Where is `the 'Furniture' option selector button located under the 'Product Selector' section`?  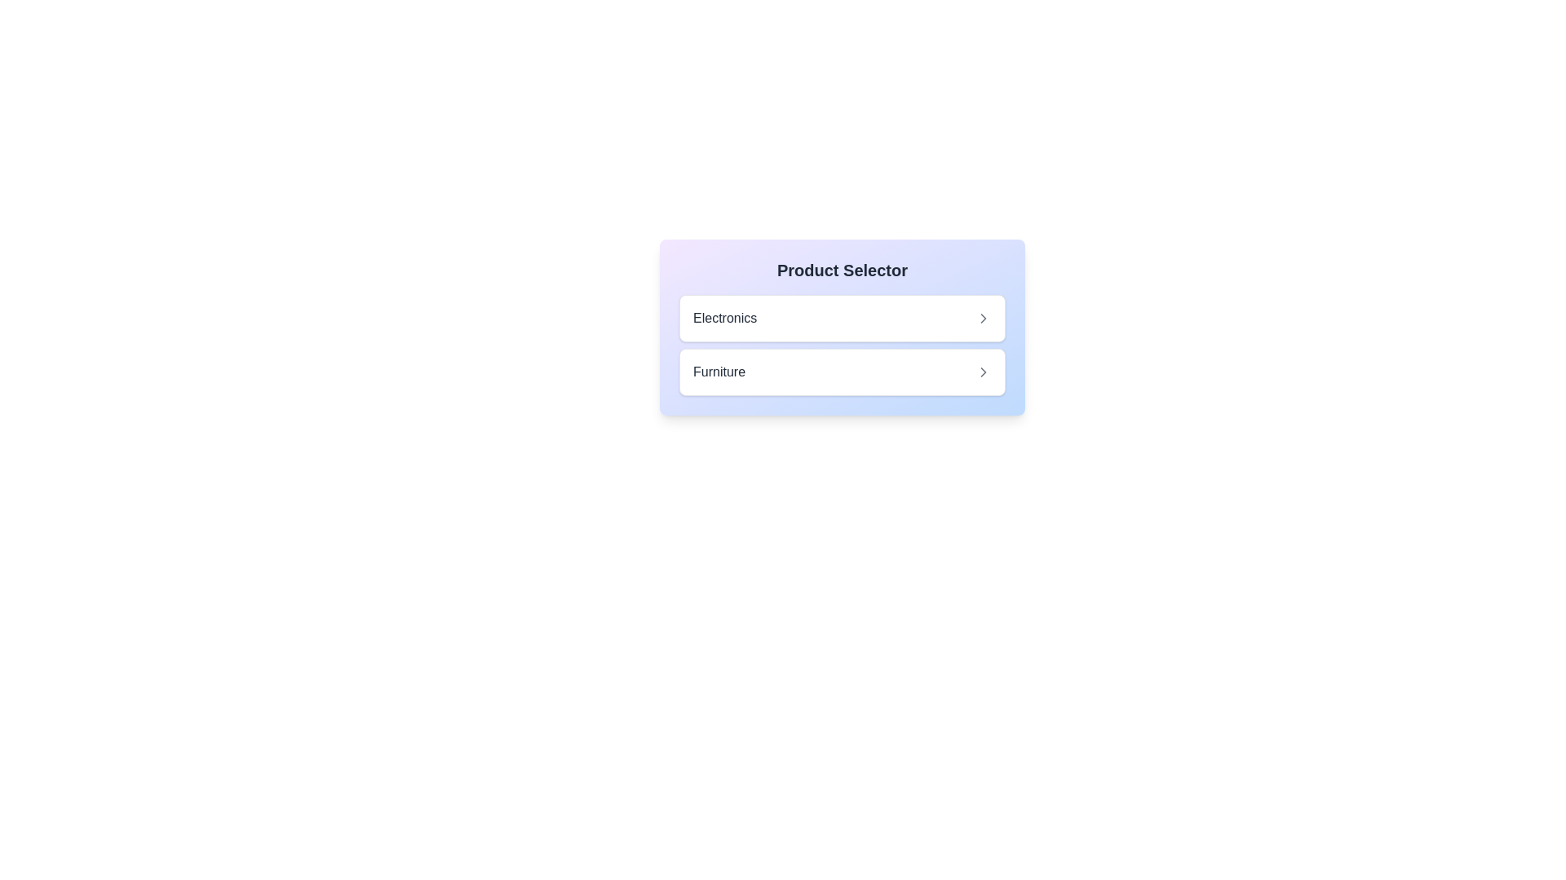 the 'Furniture' option selector button located under the 'Product Selector' section is located at coordinates (842, 372).